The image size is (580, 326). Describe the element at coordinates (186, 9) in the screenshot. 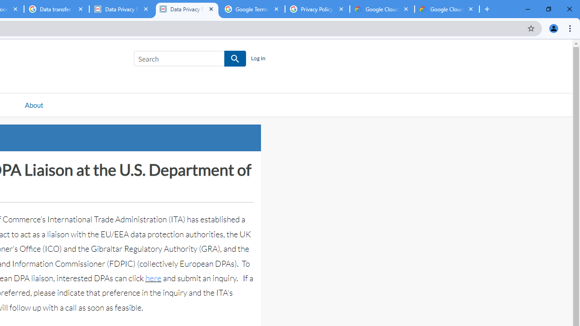

I see `'Data Privacy Framework'` at that location.